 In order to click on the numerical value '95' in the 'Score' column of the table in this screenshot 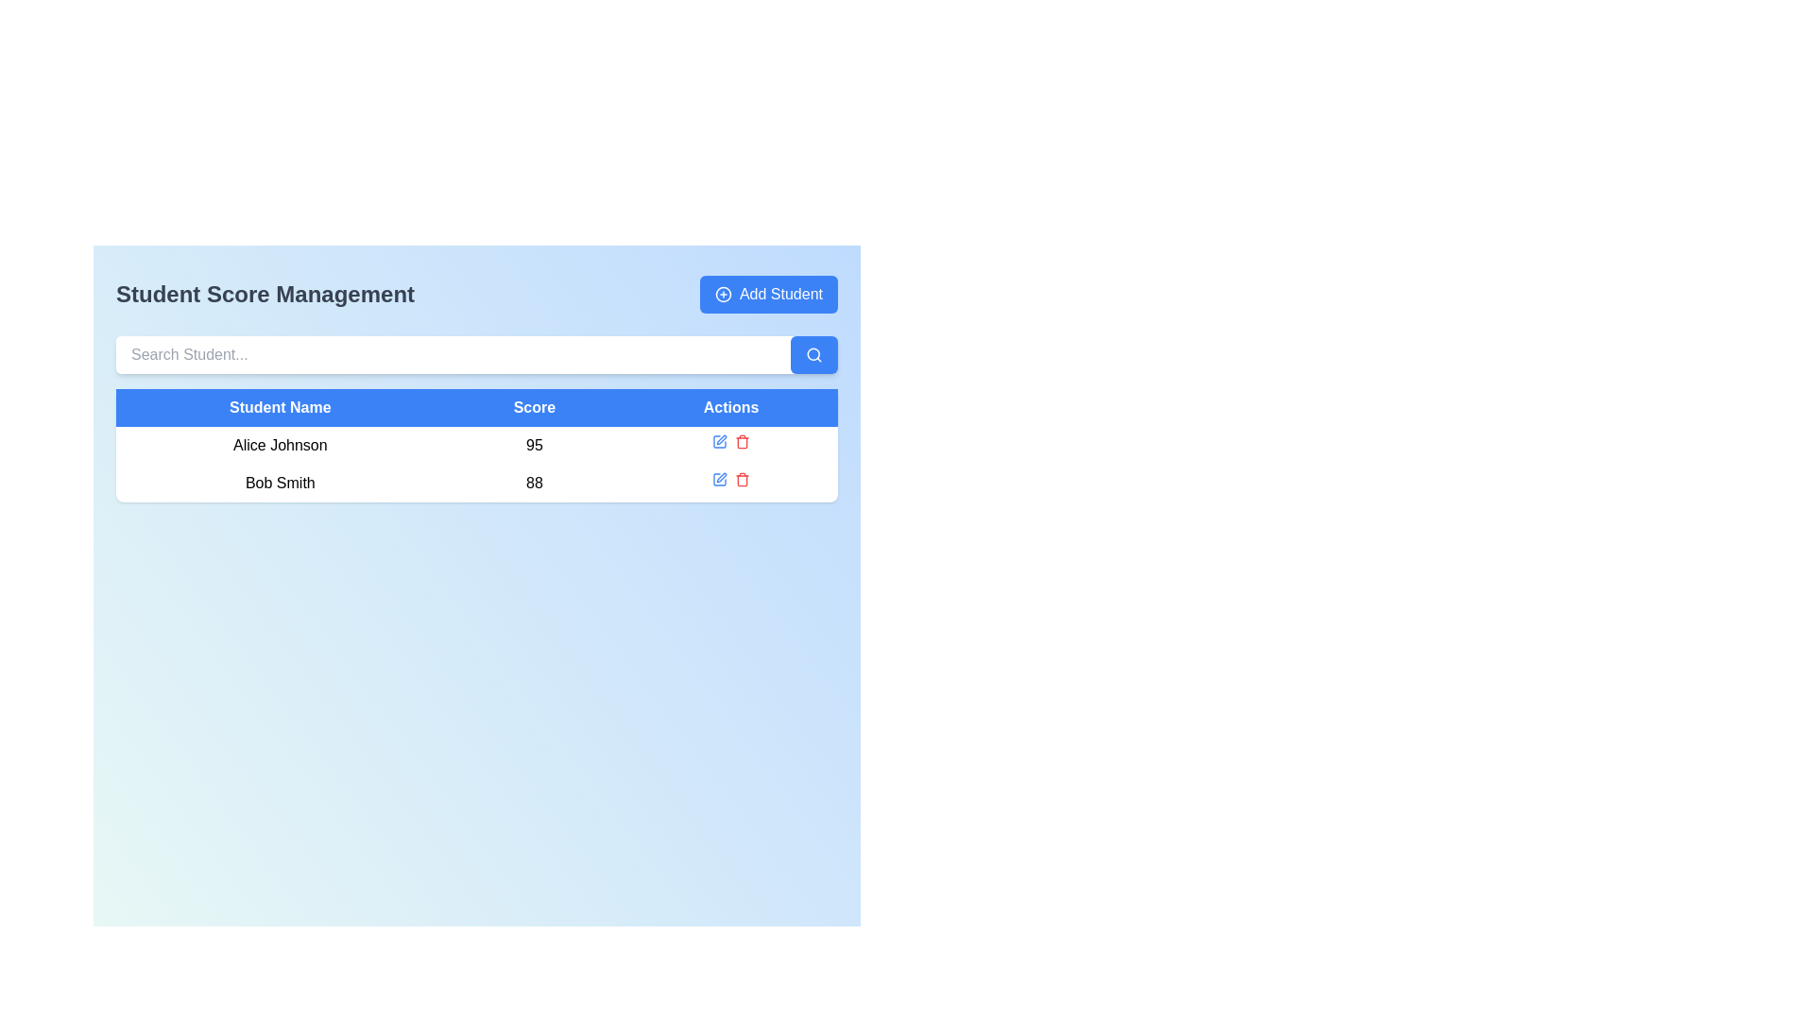, I will do `click(476, 445)`.